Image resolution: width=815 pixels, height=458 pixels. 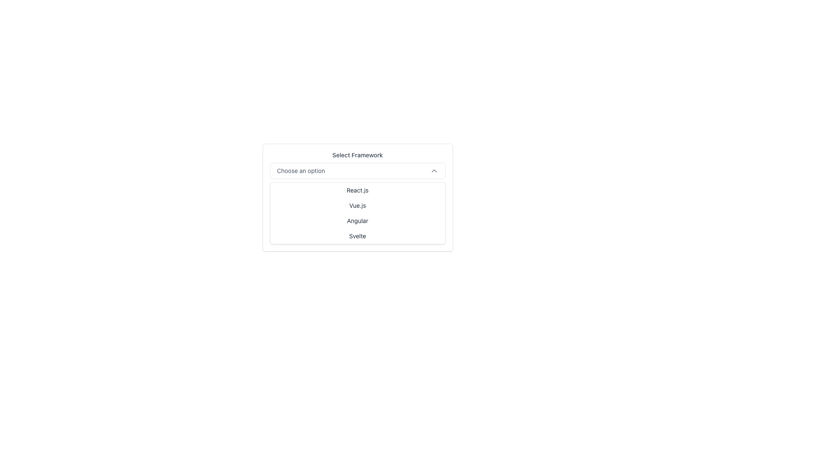 What do you see at coordinates (434, 170) in the screenshot?
I see `the Chevron icon located on the right side of the 'Choose an option' text, which serves as a toggle for the dropdown menu visibility` at bounding box center [434, 170].